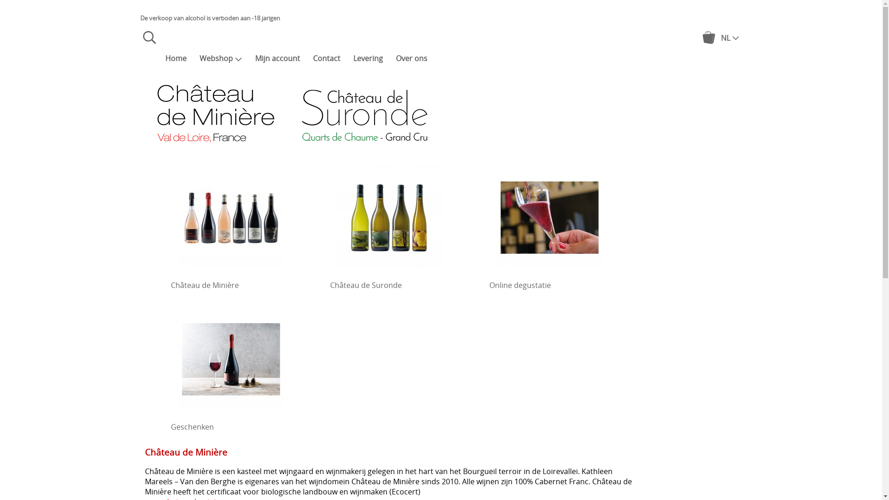 The width and height of the screenshot is (889, 500). What do you see at coordinates (219, 58) in the screenshot?
I see `'Webshop'` at bounding box center [219, 58].